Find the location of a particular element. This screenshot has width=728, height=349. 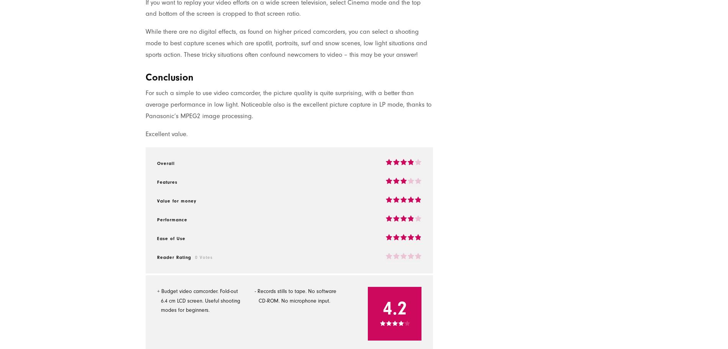

'Reader Rating' is located at coordinates (174, 257).